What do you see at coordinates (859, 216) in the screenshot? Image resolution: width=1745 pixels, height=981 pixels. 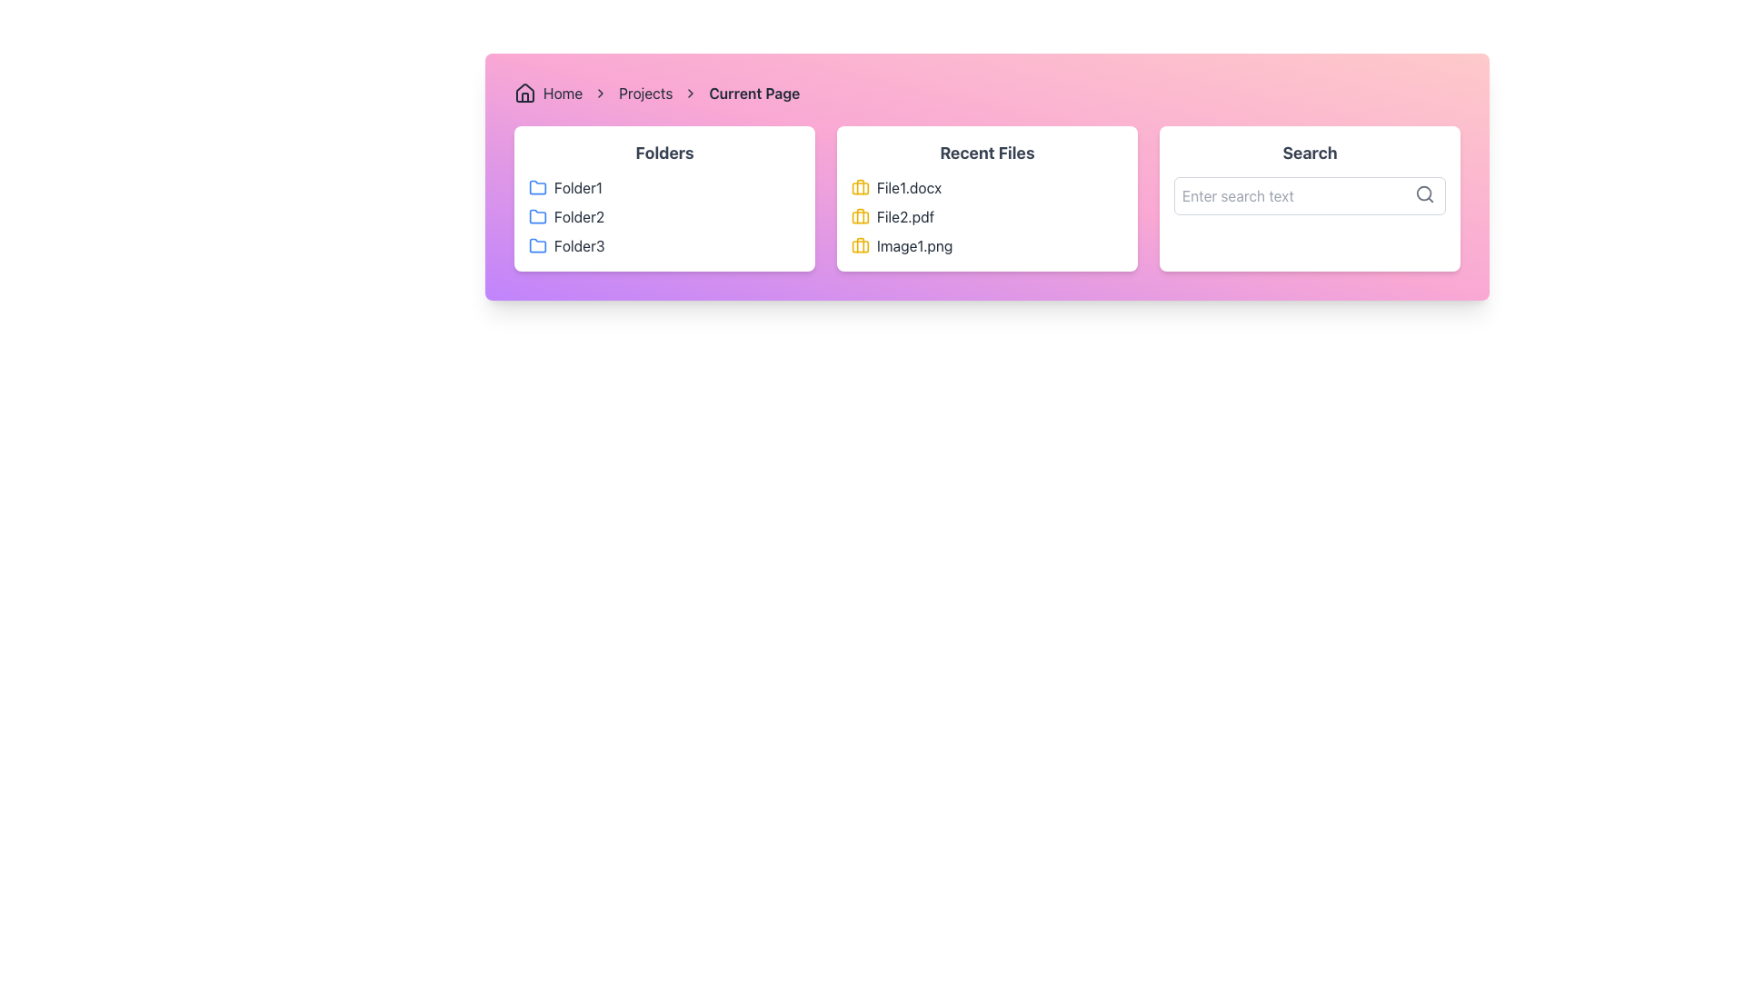 I see `the yellow briefcase icon located in the 'Recent Files' section adjacent to the text 'File2.pdf'` at bounding box center [859, 216].